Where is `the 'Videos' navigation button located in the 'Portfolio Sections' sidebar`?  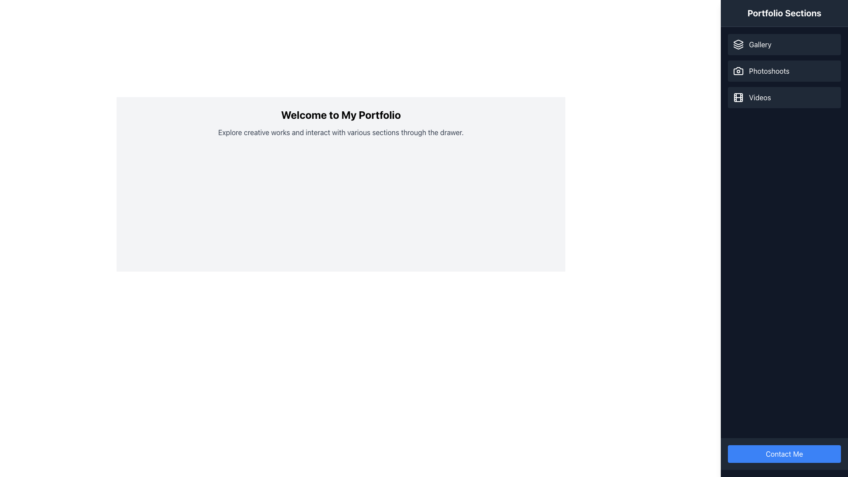
the 'Videos' navigation button located in the 'Portfolio Sections' sidebar is located at coordinates (784, 97).